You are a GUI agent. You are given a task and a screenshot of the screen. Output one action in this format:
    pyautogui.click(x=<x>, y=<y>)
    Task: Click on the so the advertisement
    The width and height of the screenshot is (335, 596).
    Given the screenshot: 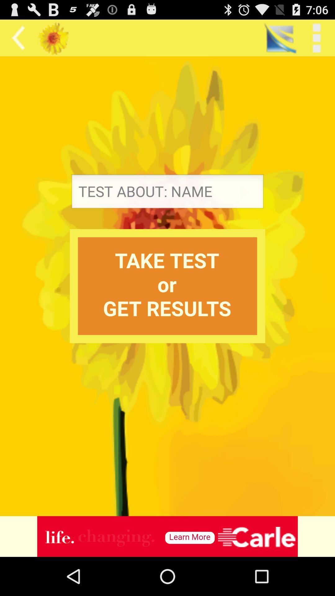 What is the action you would take?
    pyautogui.click(x=167, y=536)
    